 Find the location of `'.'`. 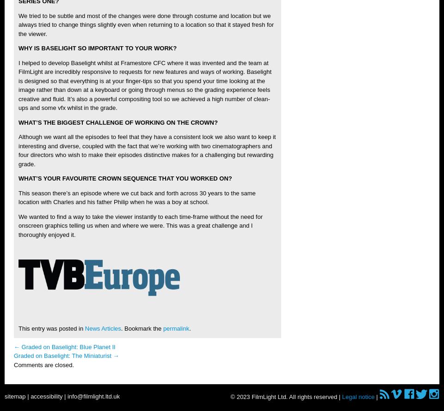

'.' is located at coordinates (189, 328).